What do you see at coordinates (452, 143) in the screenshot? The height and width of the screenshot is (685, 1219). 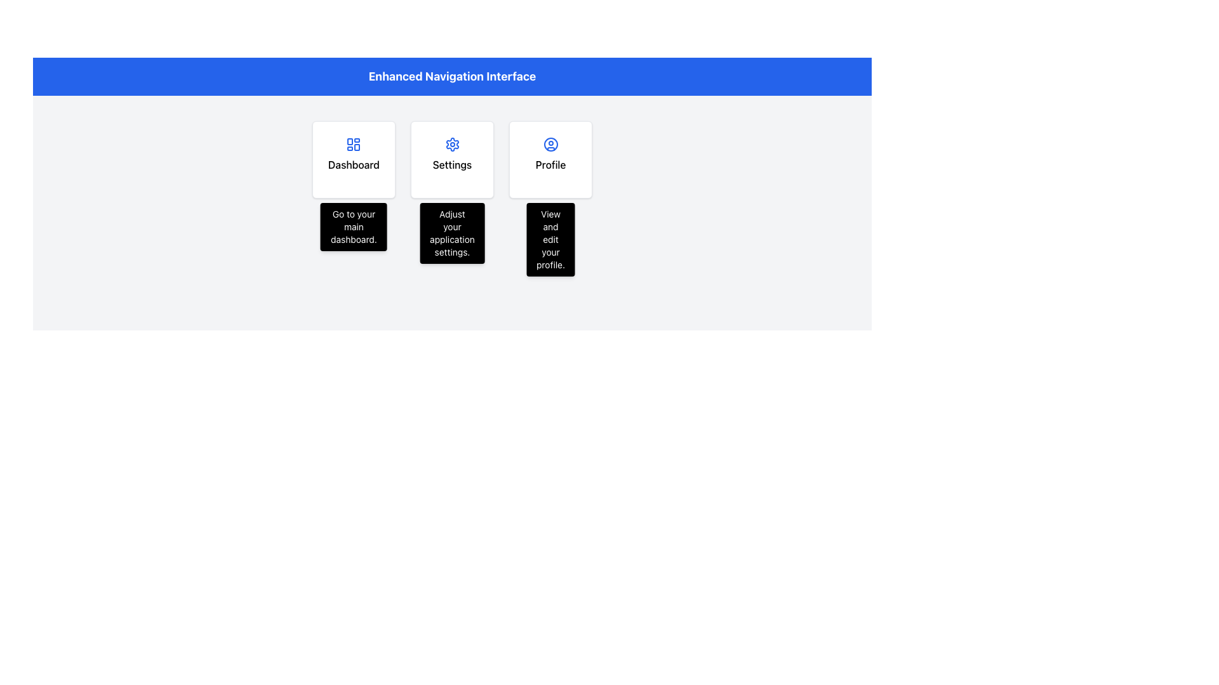 I see `the settings icon located in the upper portion of the middle card within the central card labeled 'Settings'` at bounding box center [452, 143].